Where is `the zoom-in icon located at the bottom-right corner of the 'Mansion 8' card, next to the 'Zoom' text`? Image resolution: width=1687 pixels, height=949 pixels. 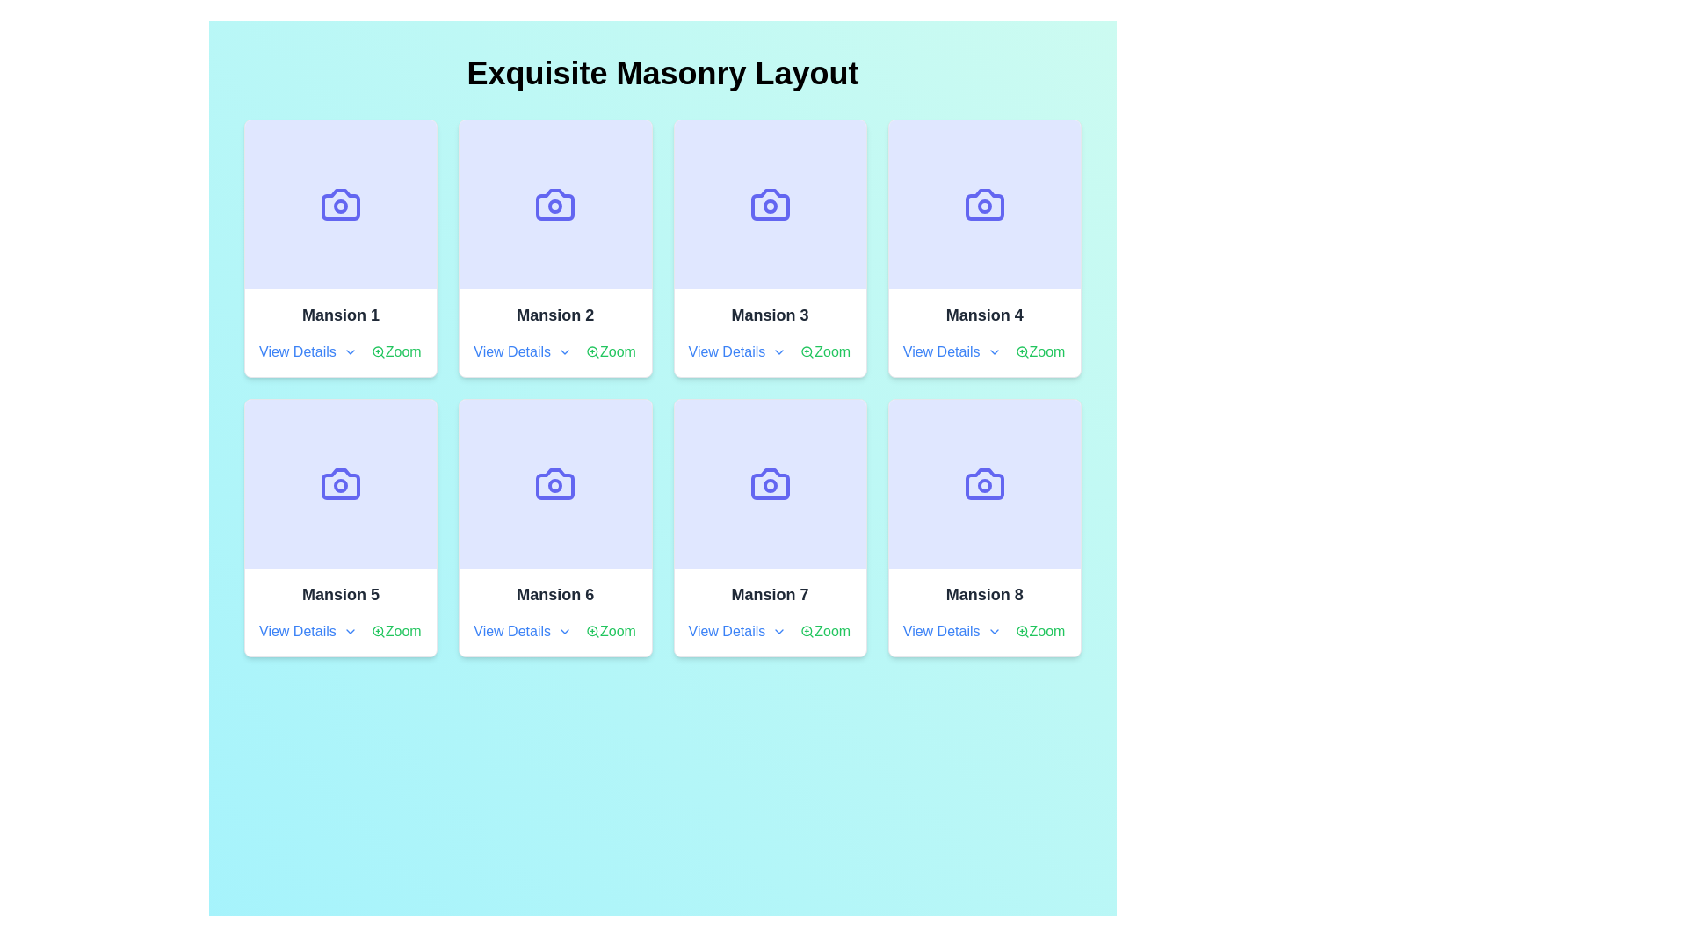
the zoom-in icon located at the bottom-right corner of the 'Mansion 8' card, next to the 'Zoom' text is located at coordinates (1022, 630).